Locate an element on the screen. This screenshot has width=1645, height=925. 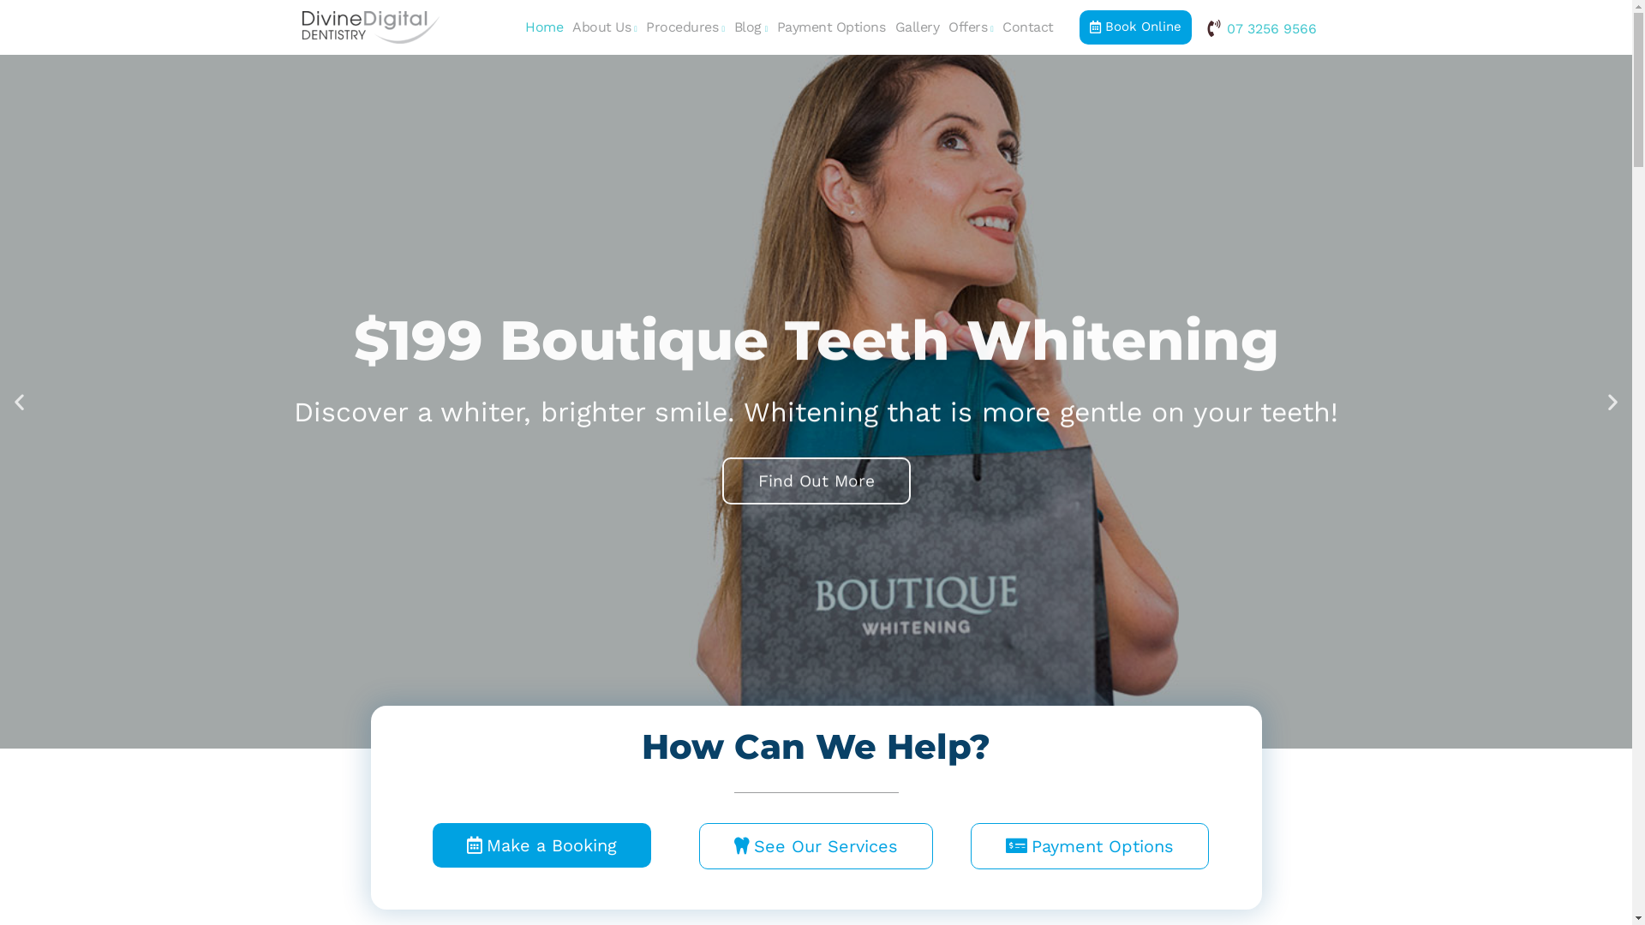
'Procedures' is located at coordinates (640, 27).